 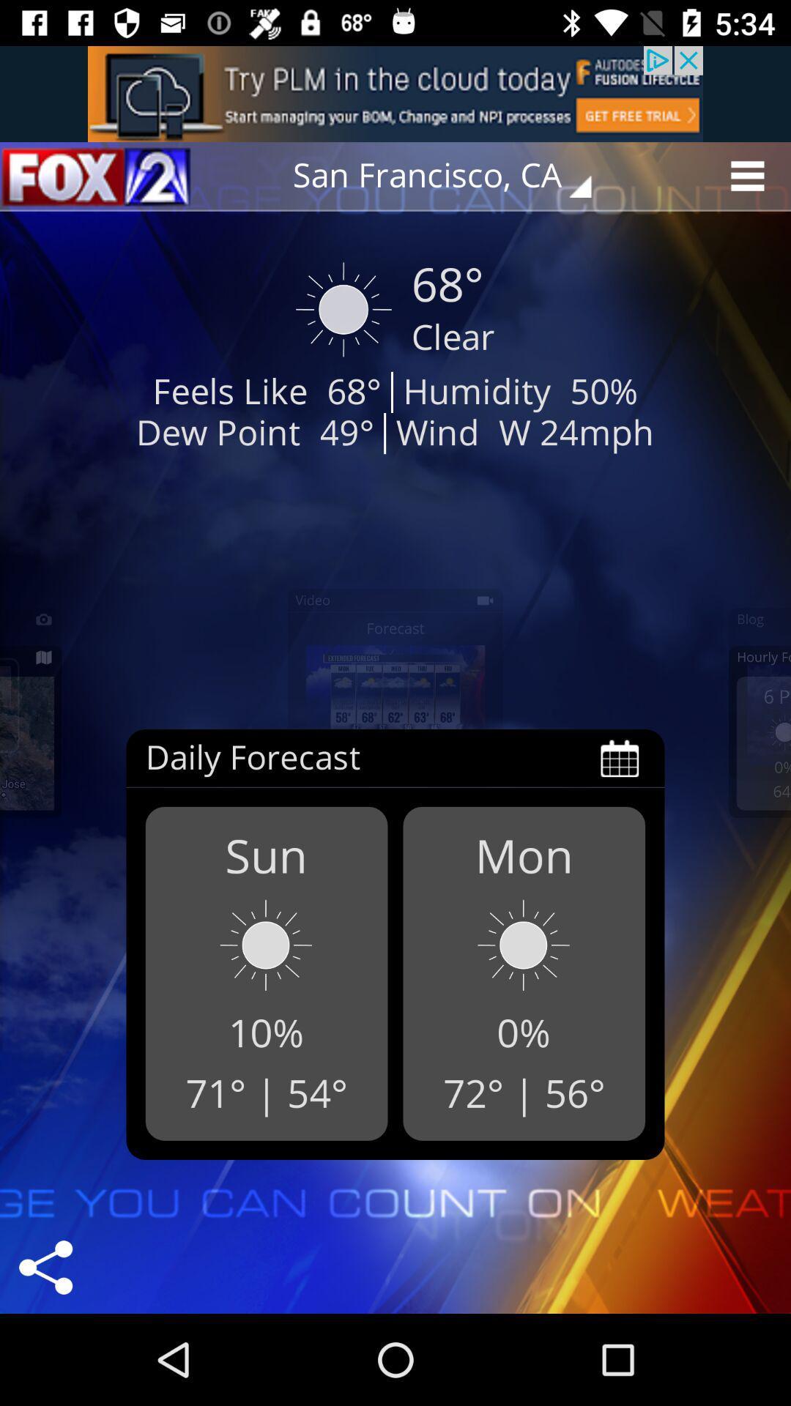 I want to click on the share icon, so click(x=45, y=1267).